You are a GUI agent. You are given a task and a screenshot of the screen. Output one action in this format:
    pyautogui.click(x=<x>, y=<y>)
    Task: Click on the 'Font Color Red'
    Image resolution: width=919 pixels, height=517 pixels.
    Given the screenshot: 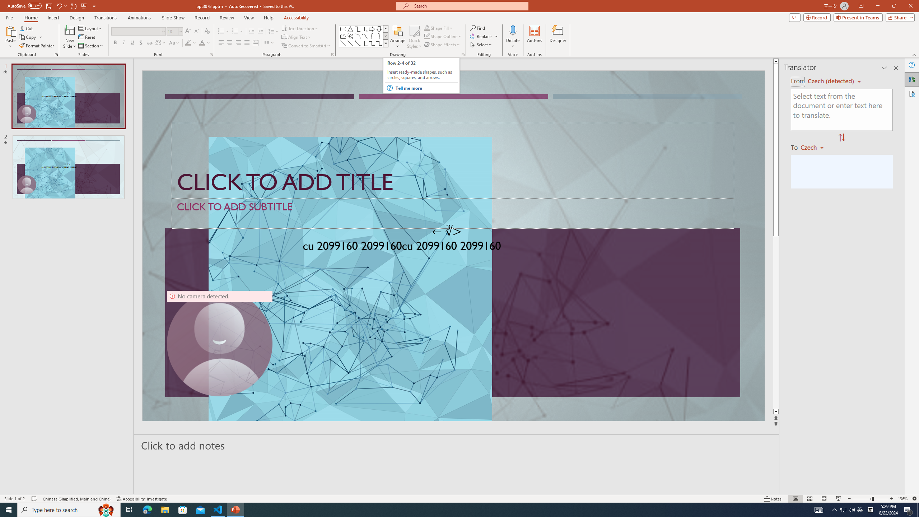 What is the action you would take?
    pyautogui.click(x=202, y=42)
    